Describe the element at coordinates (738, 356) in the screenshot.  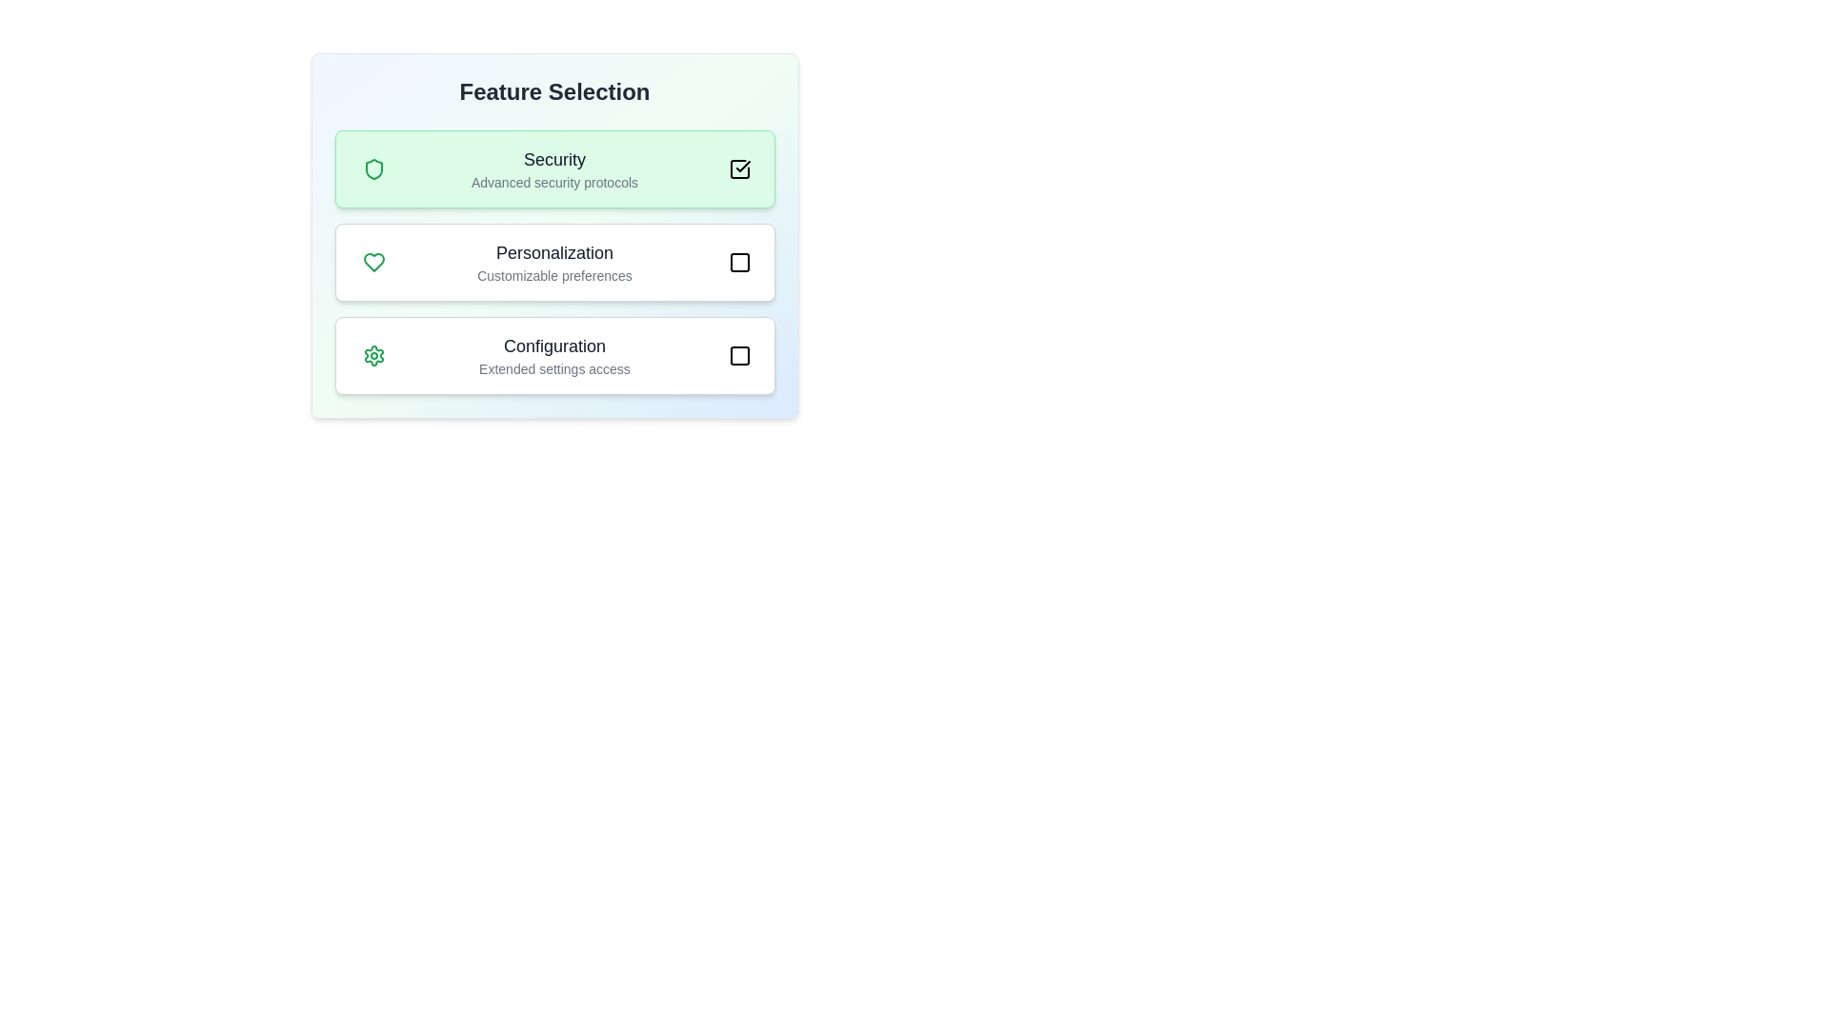
I see `the checkbox located in the Configuration section, which is a small square with rounded corners and a minimalist design` at that location.